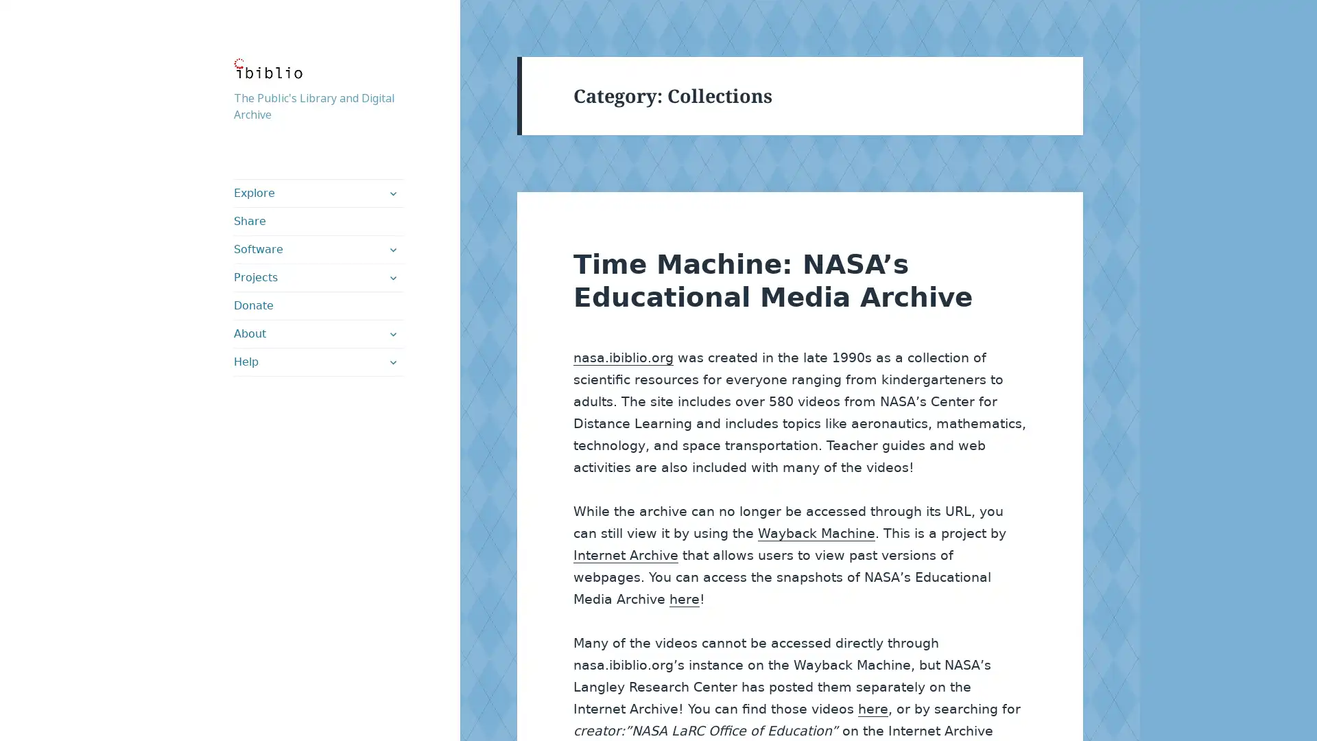 The width and height of the screenshot is (1317, 741). I want to click on expand child menu, so click(391, 362).